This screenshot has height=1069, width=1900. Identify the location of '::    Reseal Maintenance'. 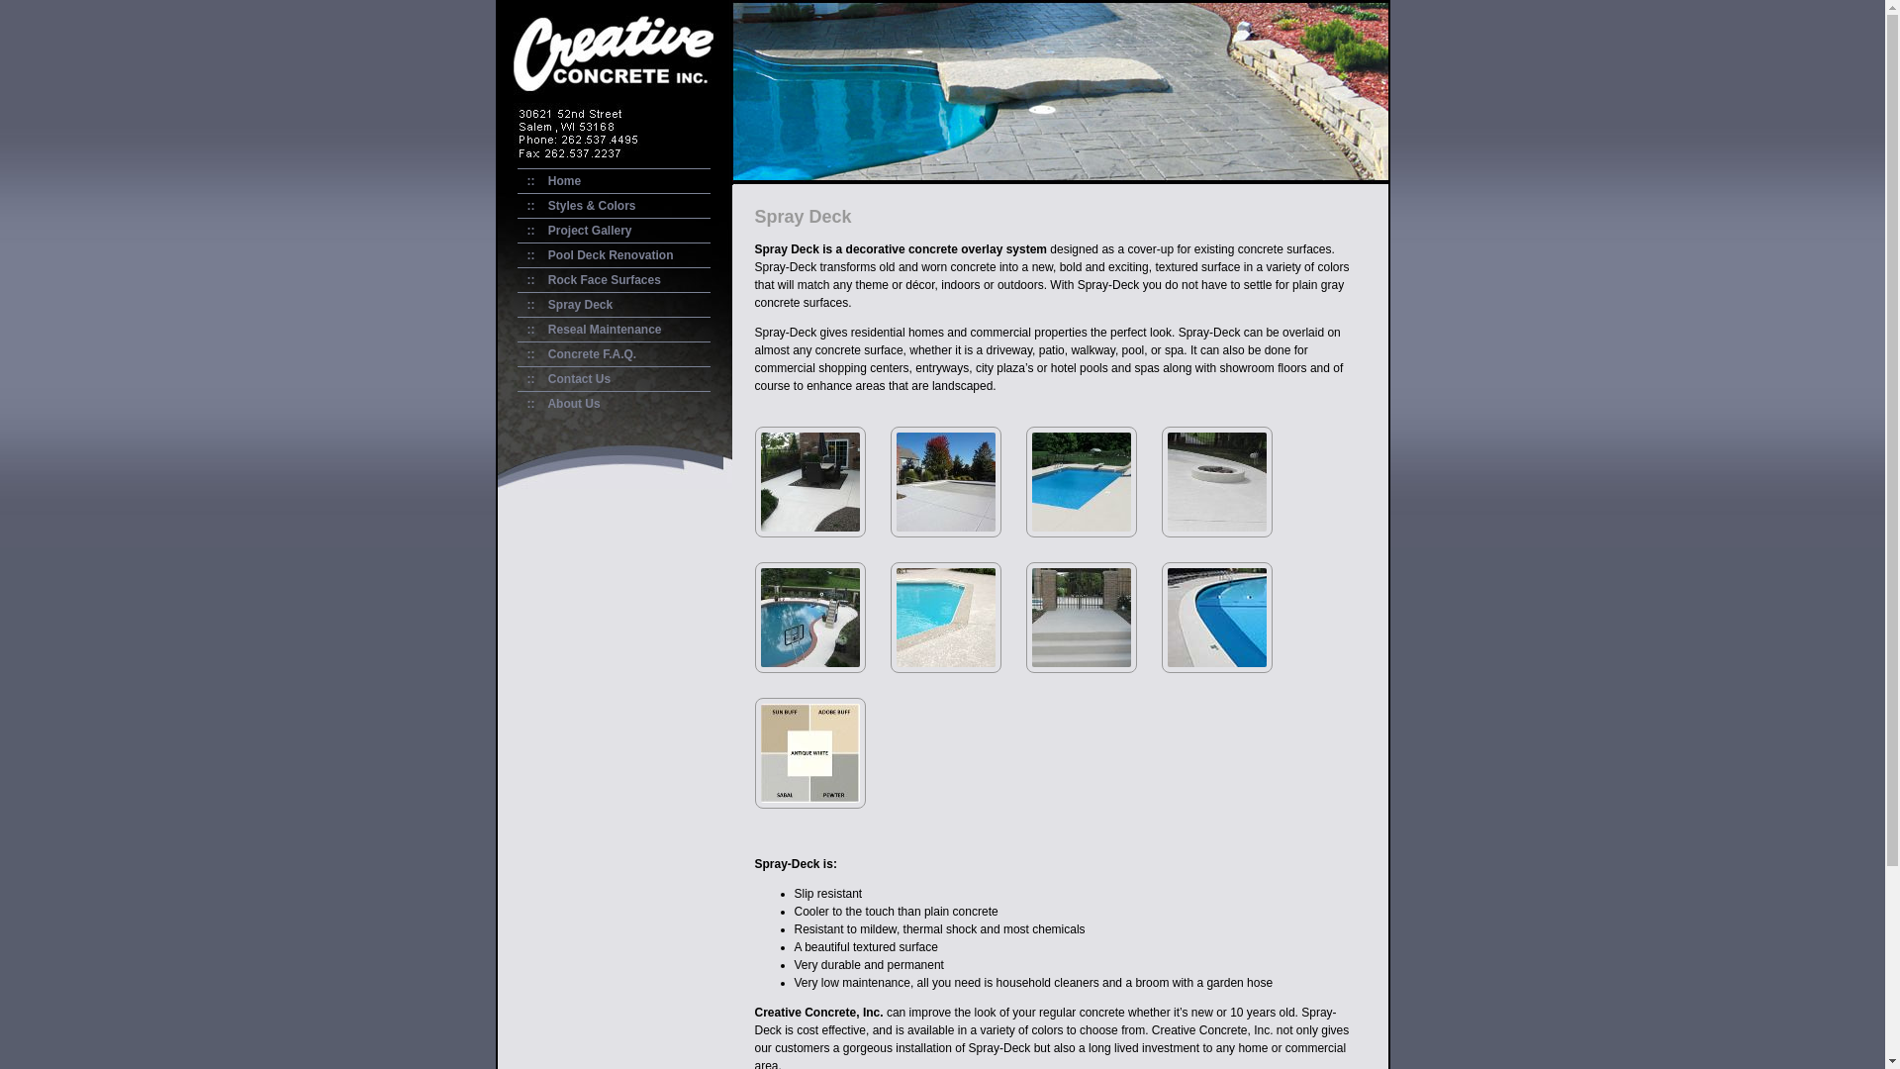
(588, 328).